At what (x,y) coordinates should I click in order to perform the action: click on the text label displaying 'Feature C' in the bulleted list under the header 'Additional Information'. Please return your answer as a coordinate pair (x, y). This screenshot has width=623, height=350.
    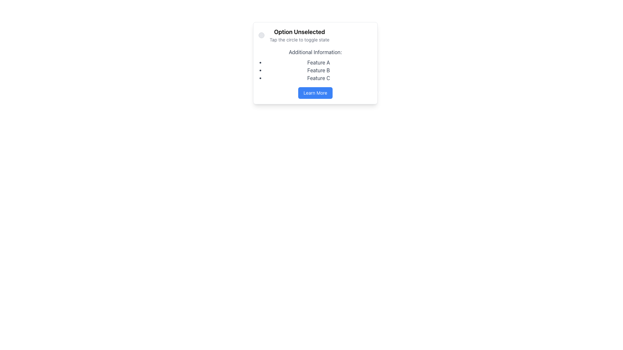
    Looking at the image, I should click on (319, 77).